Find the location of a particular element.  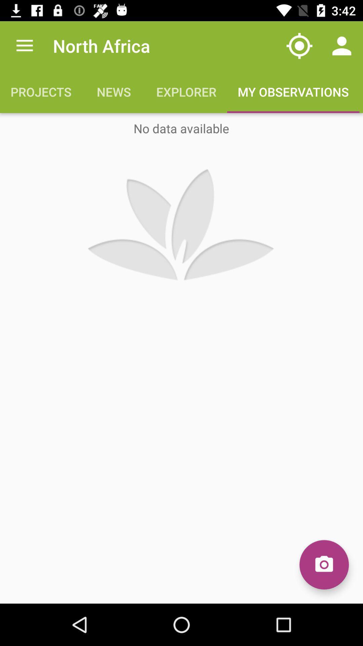

item to the right of north africa item is located at coordinates (299, 45).